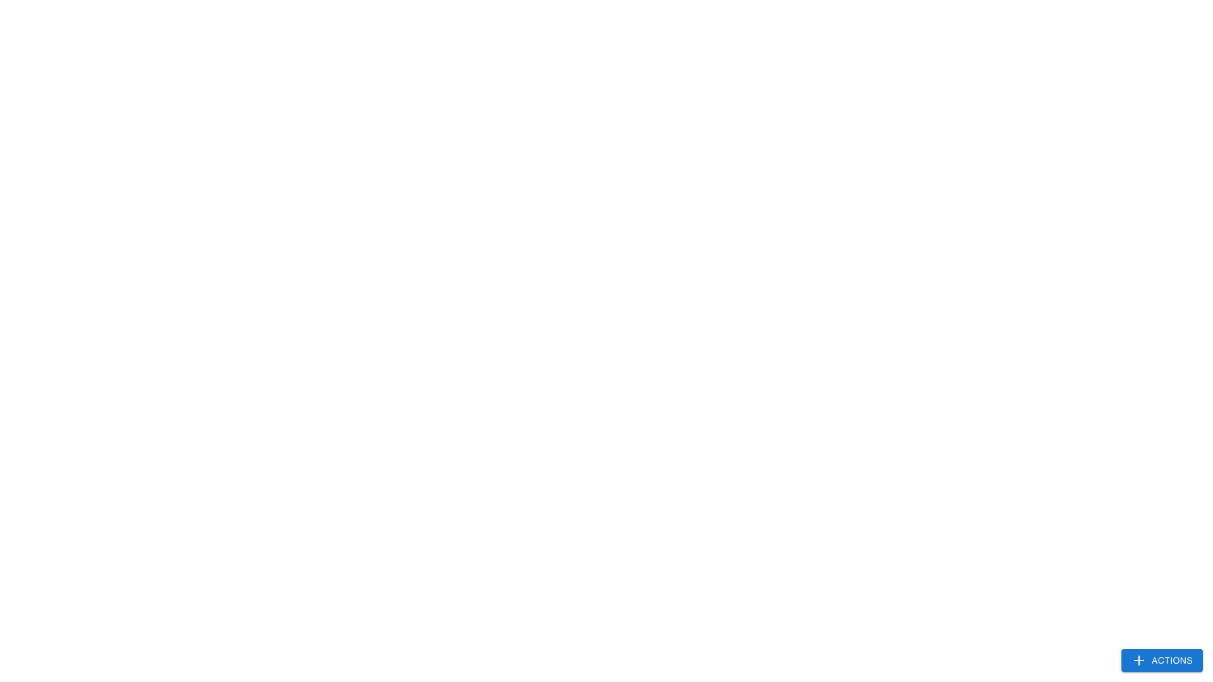  Describe the element at coordinates (1138, 659) in the screenshot. I see `the addition icon located within the 'Actions' button at the far right bottom of the interface, which signifies the creation of new content` at that location.